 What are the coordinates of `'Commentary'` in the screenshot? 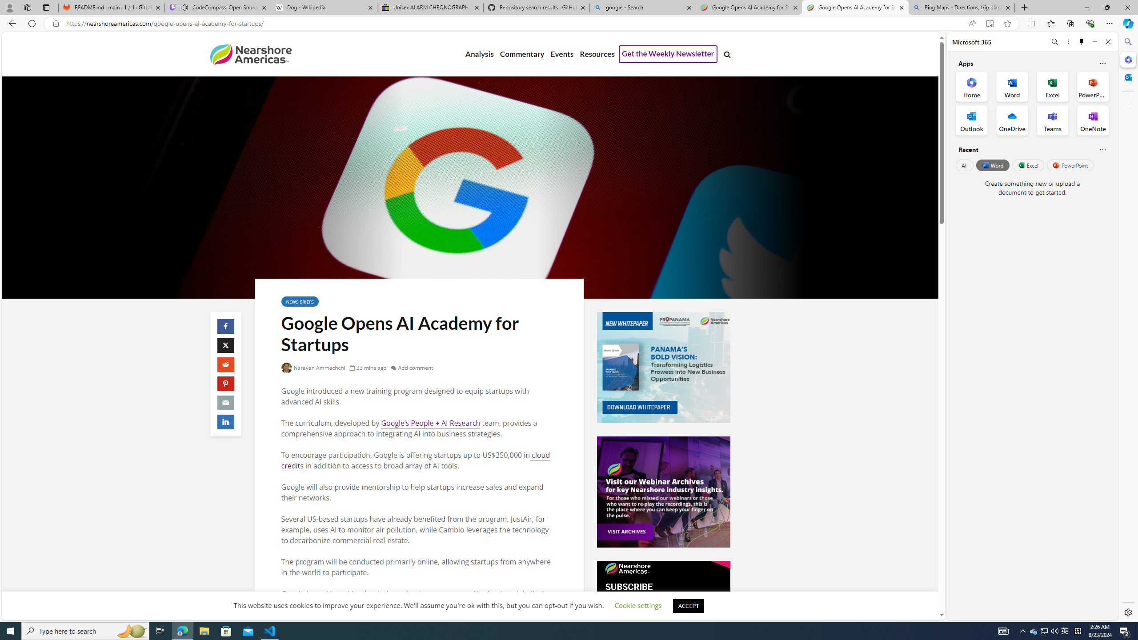 It's located at (521, 54).